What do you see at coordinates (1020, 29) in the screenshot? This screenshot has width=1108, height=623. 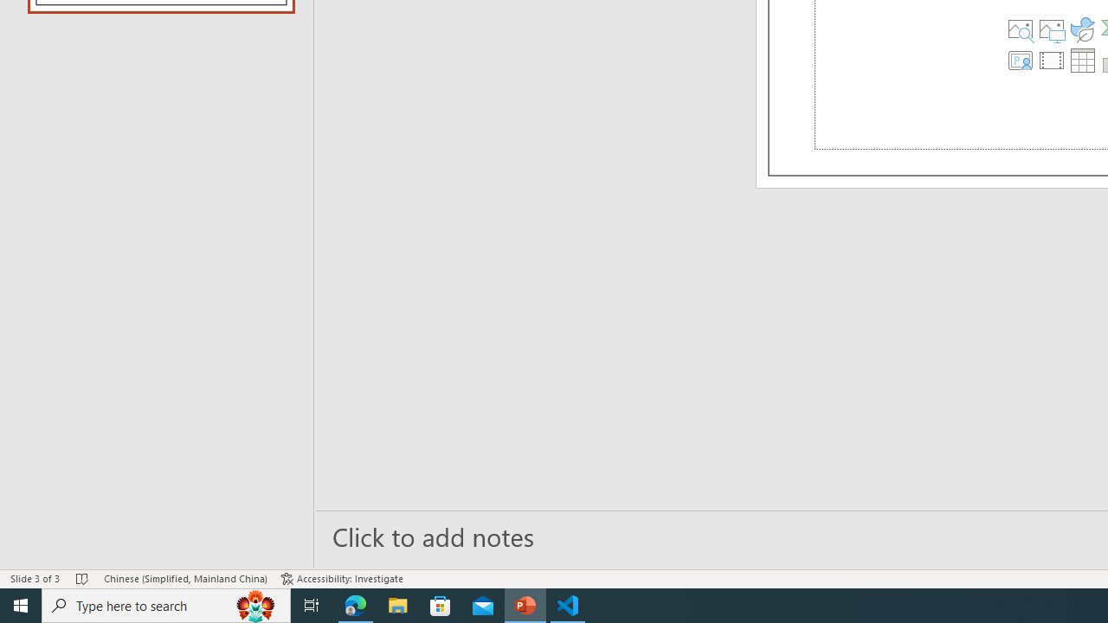 I see `'Stock Images'` at bounding box center [1020, 29].